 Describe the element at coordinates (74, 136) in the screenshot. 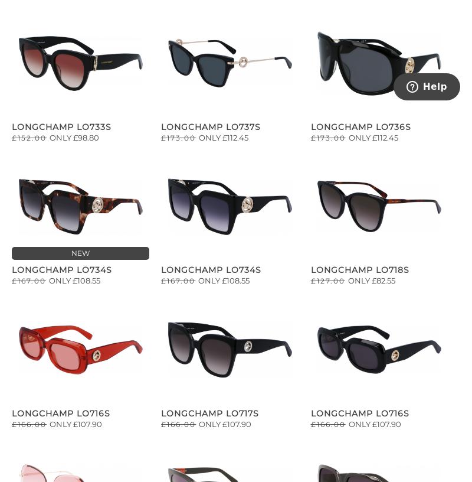

I see `'Only £98.80'` at that location.